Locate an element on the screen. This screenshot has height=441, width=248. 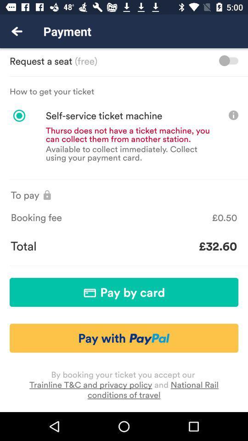
open contextual information is located at coordinates (233, 114).